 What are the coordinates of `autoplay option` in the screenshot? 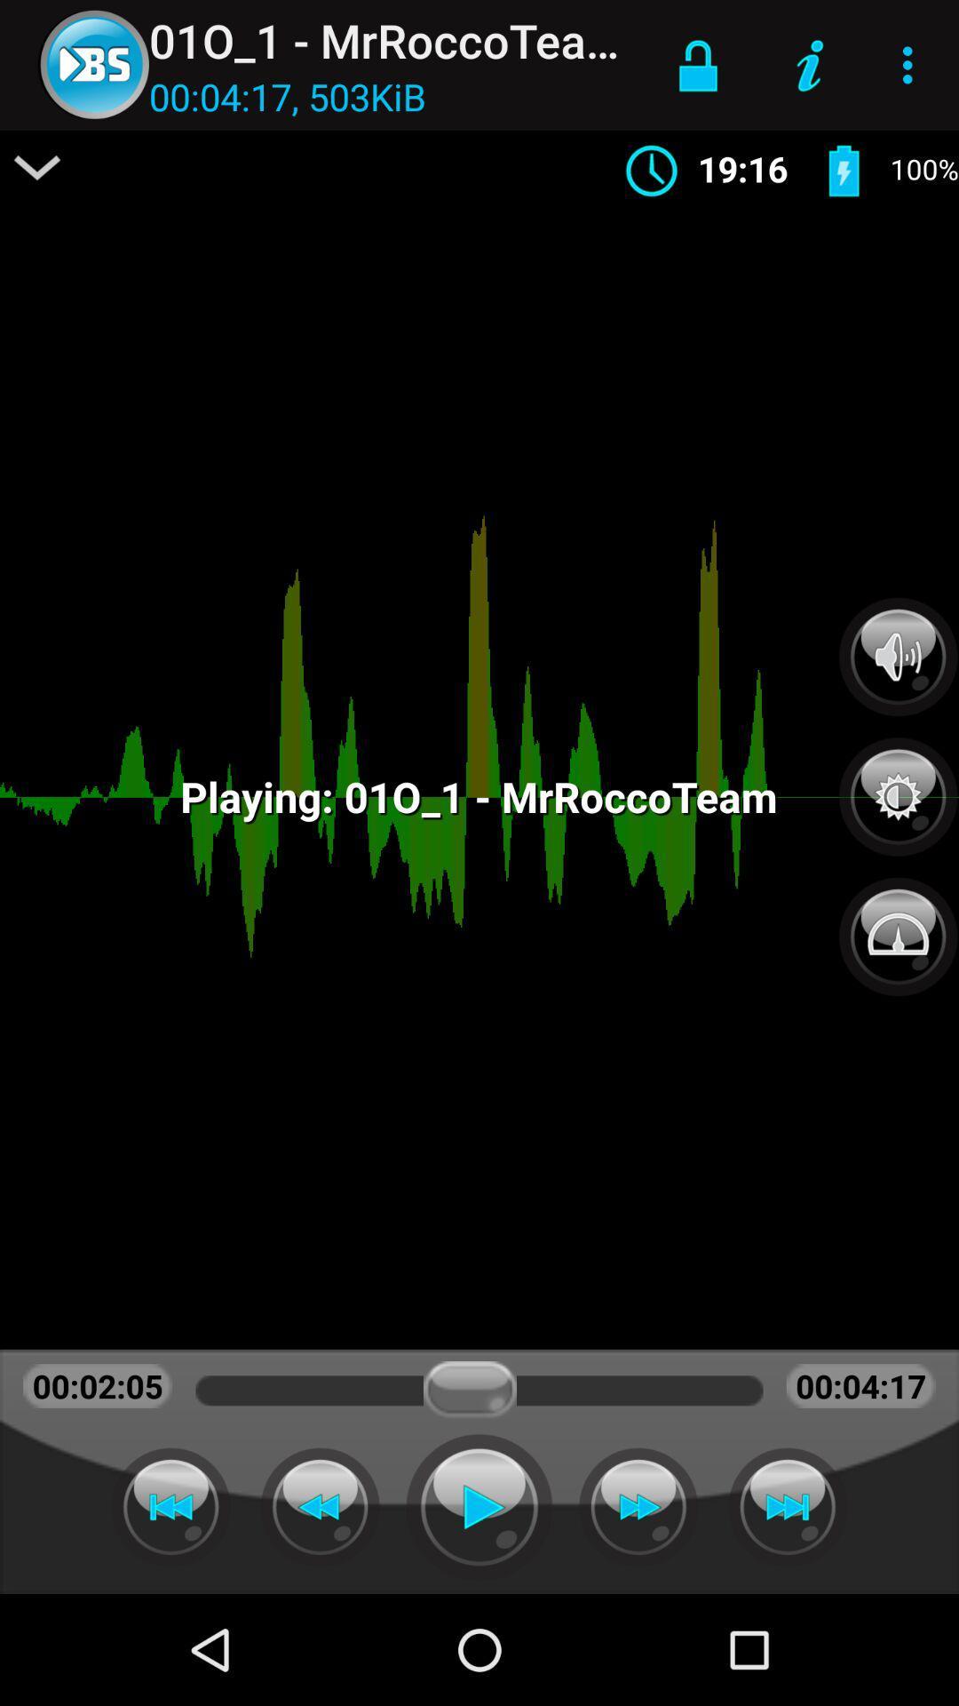 It's located at (787, 1506).